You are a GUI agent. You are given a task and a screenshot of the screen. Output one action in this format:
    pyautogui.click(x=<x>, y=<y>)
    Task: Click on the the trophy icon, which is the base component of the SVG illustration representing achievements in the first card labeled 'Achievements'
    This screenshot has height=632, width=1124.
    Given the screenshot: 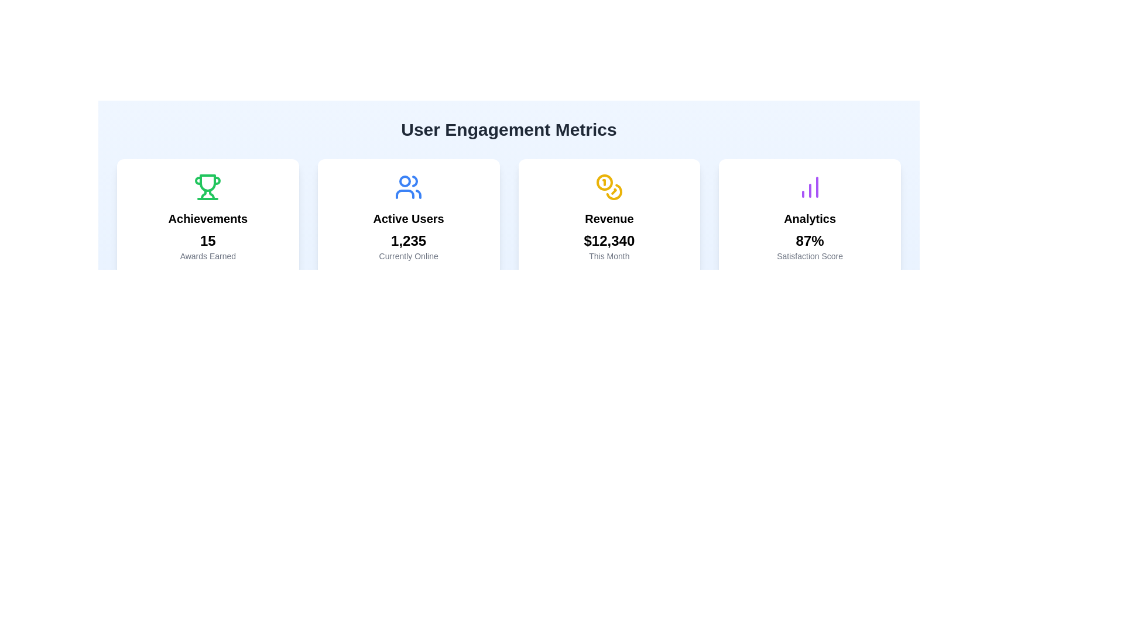 What is the action you would take?
    pyautogui.click(x=208, y=183)
    